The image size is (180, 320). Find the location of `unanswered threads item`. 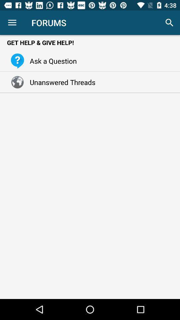

unanswered threads item is located at coordinates (61, 82).